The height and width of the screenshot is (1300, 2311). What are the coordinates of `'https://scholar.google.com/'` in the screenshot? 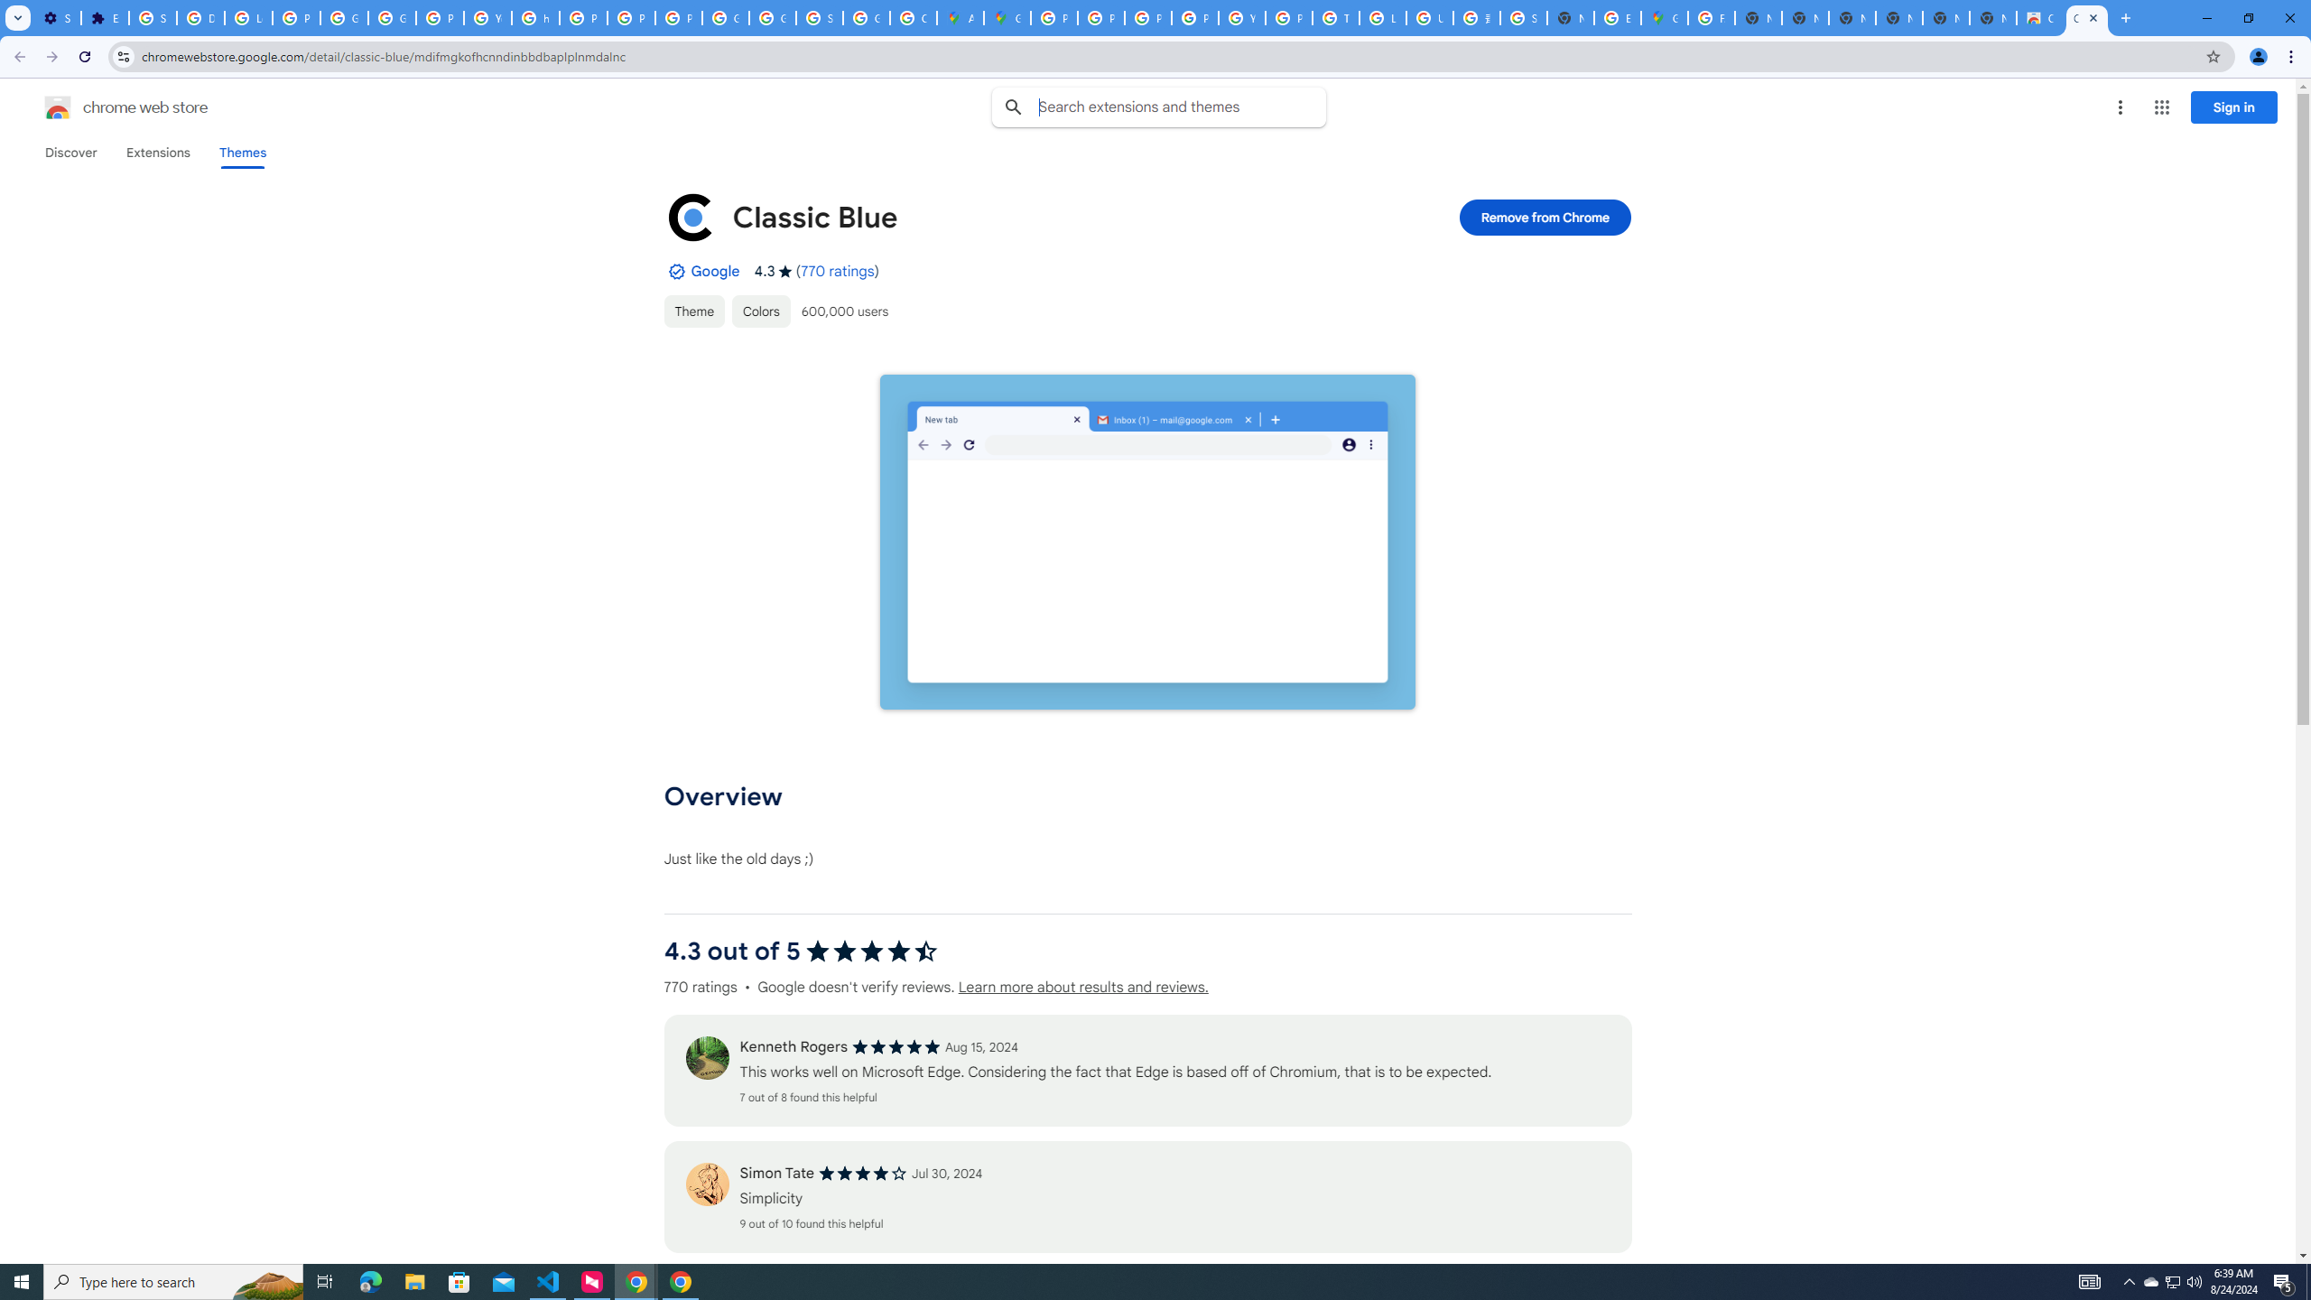 It's located at (534, 17).